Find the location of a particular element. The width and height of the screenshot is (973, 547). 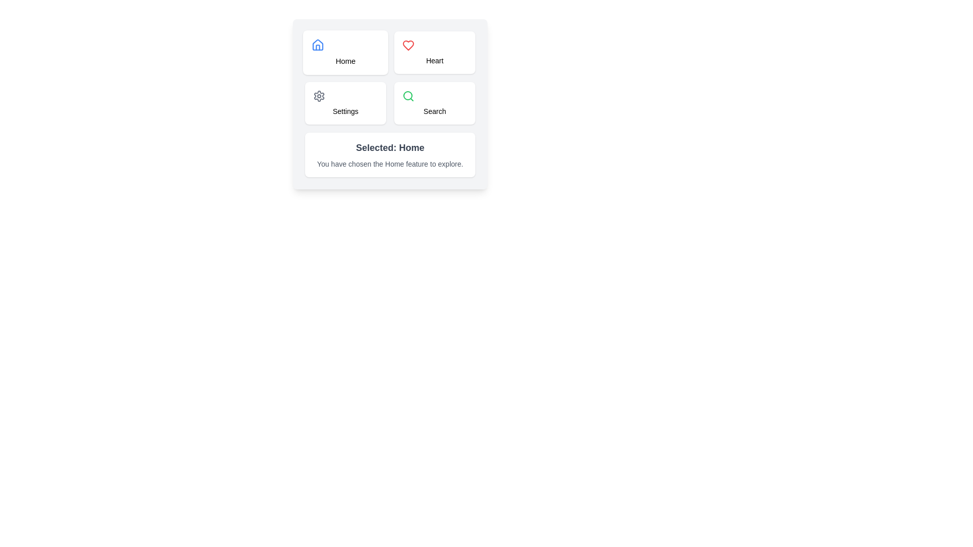

the 'Home' icon element, which is an outline of a house located at the top-left corner of the grid layout, above the text 'Home' is located at coordinates (317, 44).